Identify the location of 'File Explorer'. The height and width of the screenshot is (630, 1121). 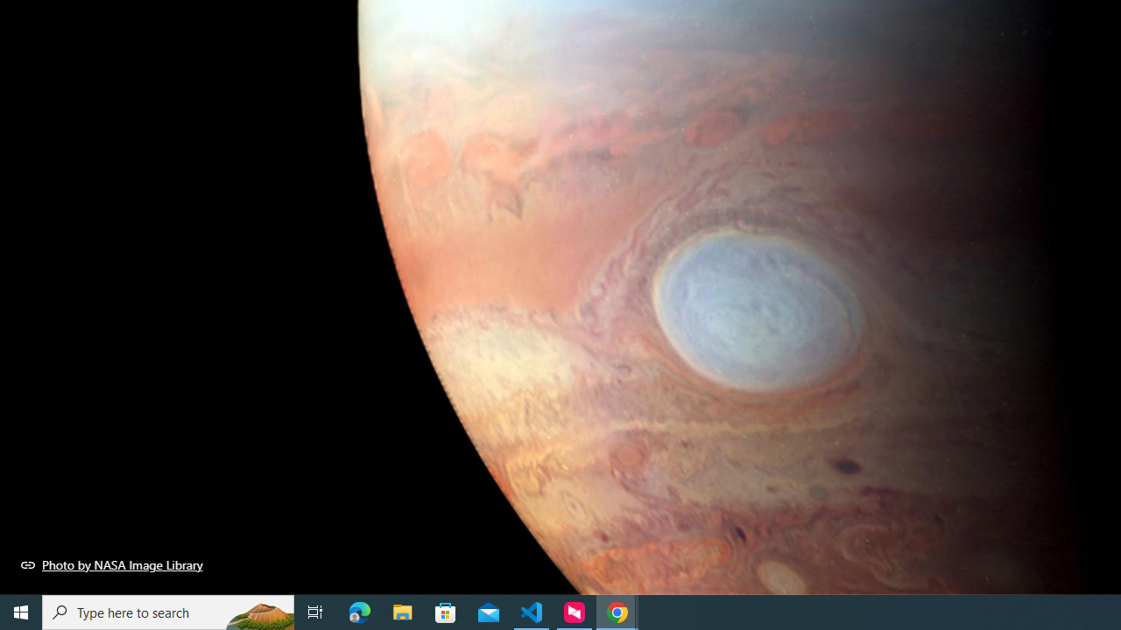
(402, 611).